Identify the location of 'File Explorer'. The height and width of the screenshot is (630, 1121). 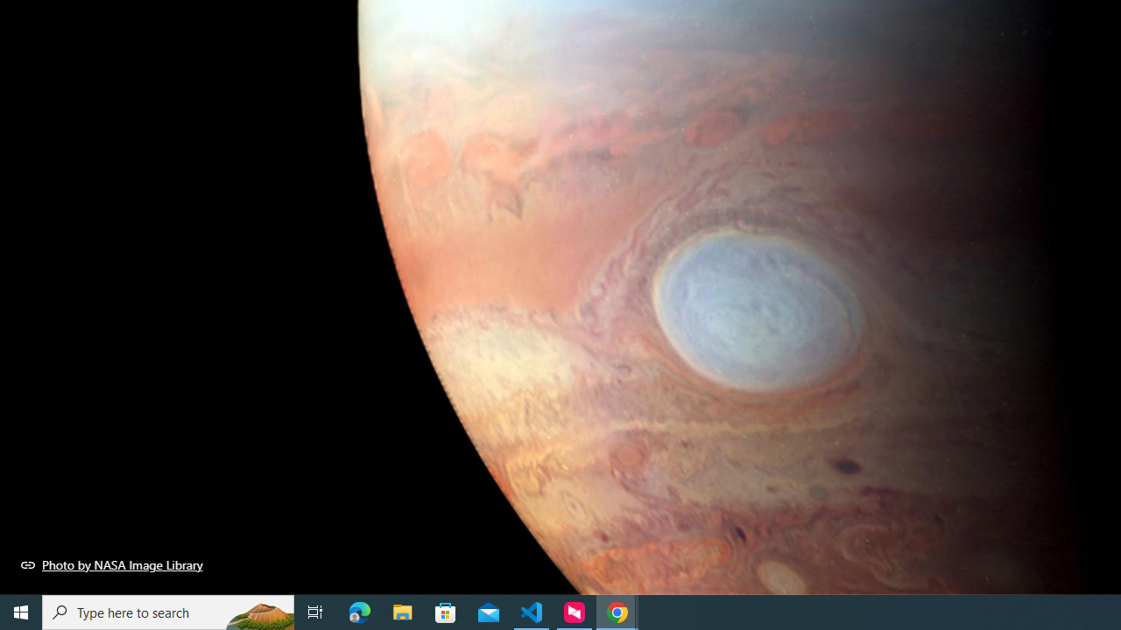
(402, 611).